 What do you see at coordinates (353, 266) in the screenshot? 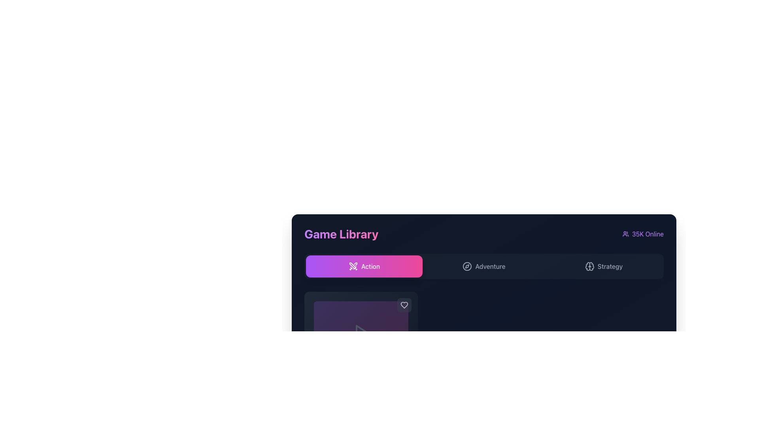
I see `the small graphical icon resembling crossed swords, which is part of the 'Action' button located in the upper section of the menu bar` at bounding box center [353, 266].